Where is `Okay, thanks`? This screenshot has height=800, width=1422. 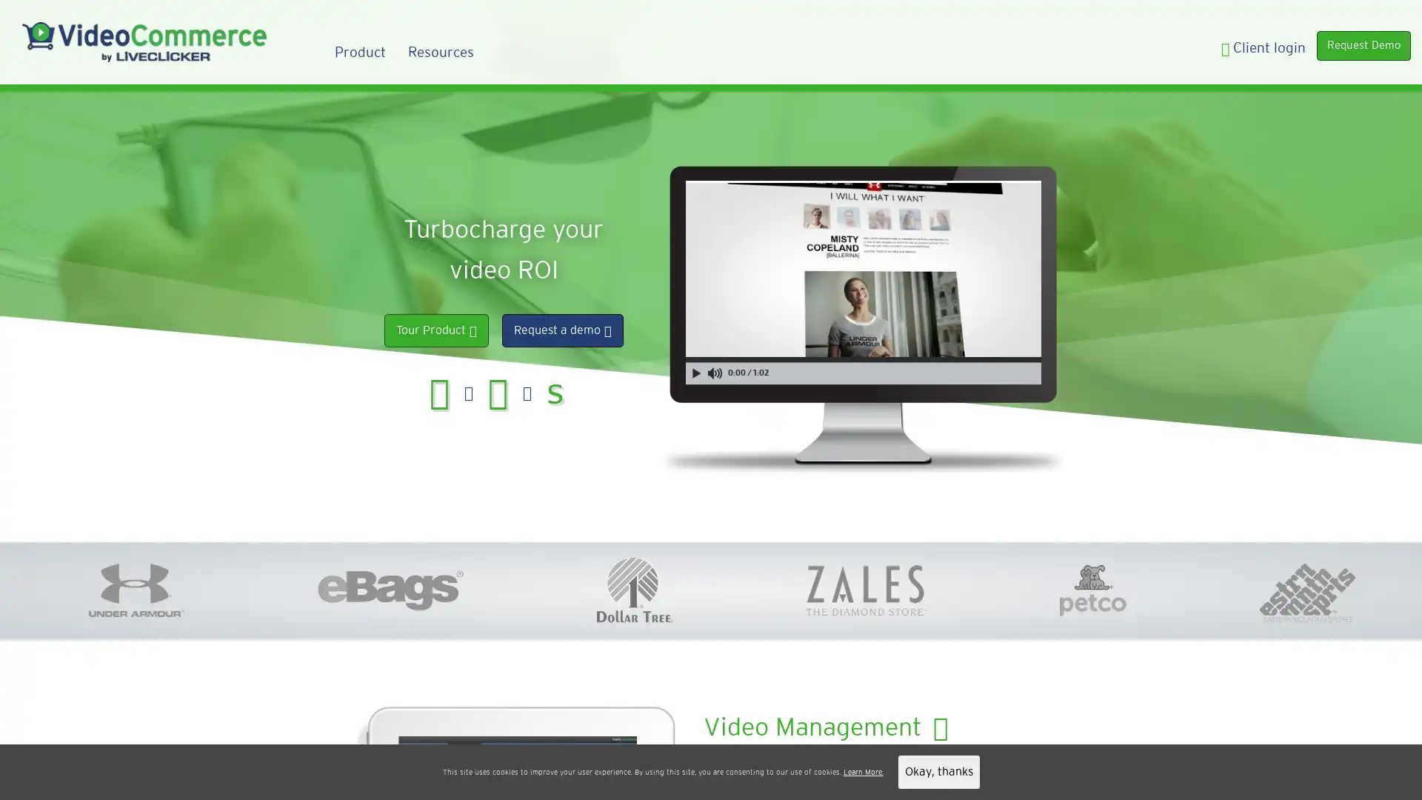 Okay, thanks is located at coordinates (938, 771).